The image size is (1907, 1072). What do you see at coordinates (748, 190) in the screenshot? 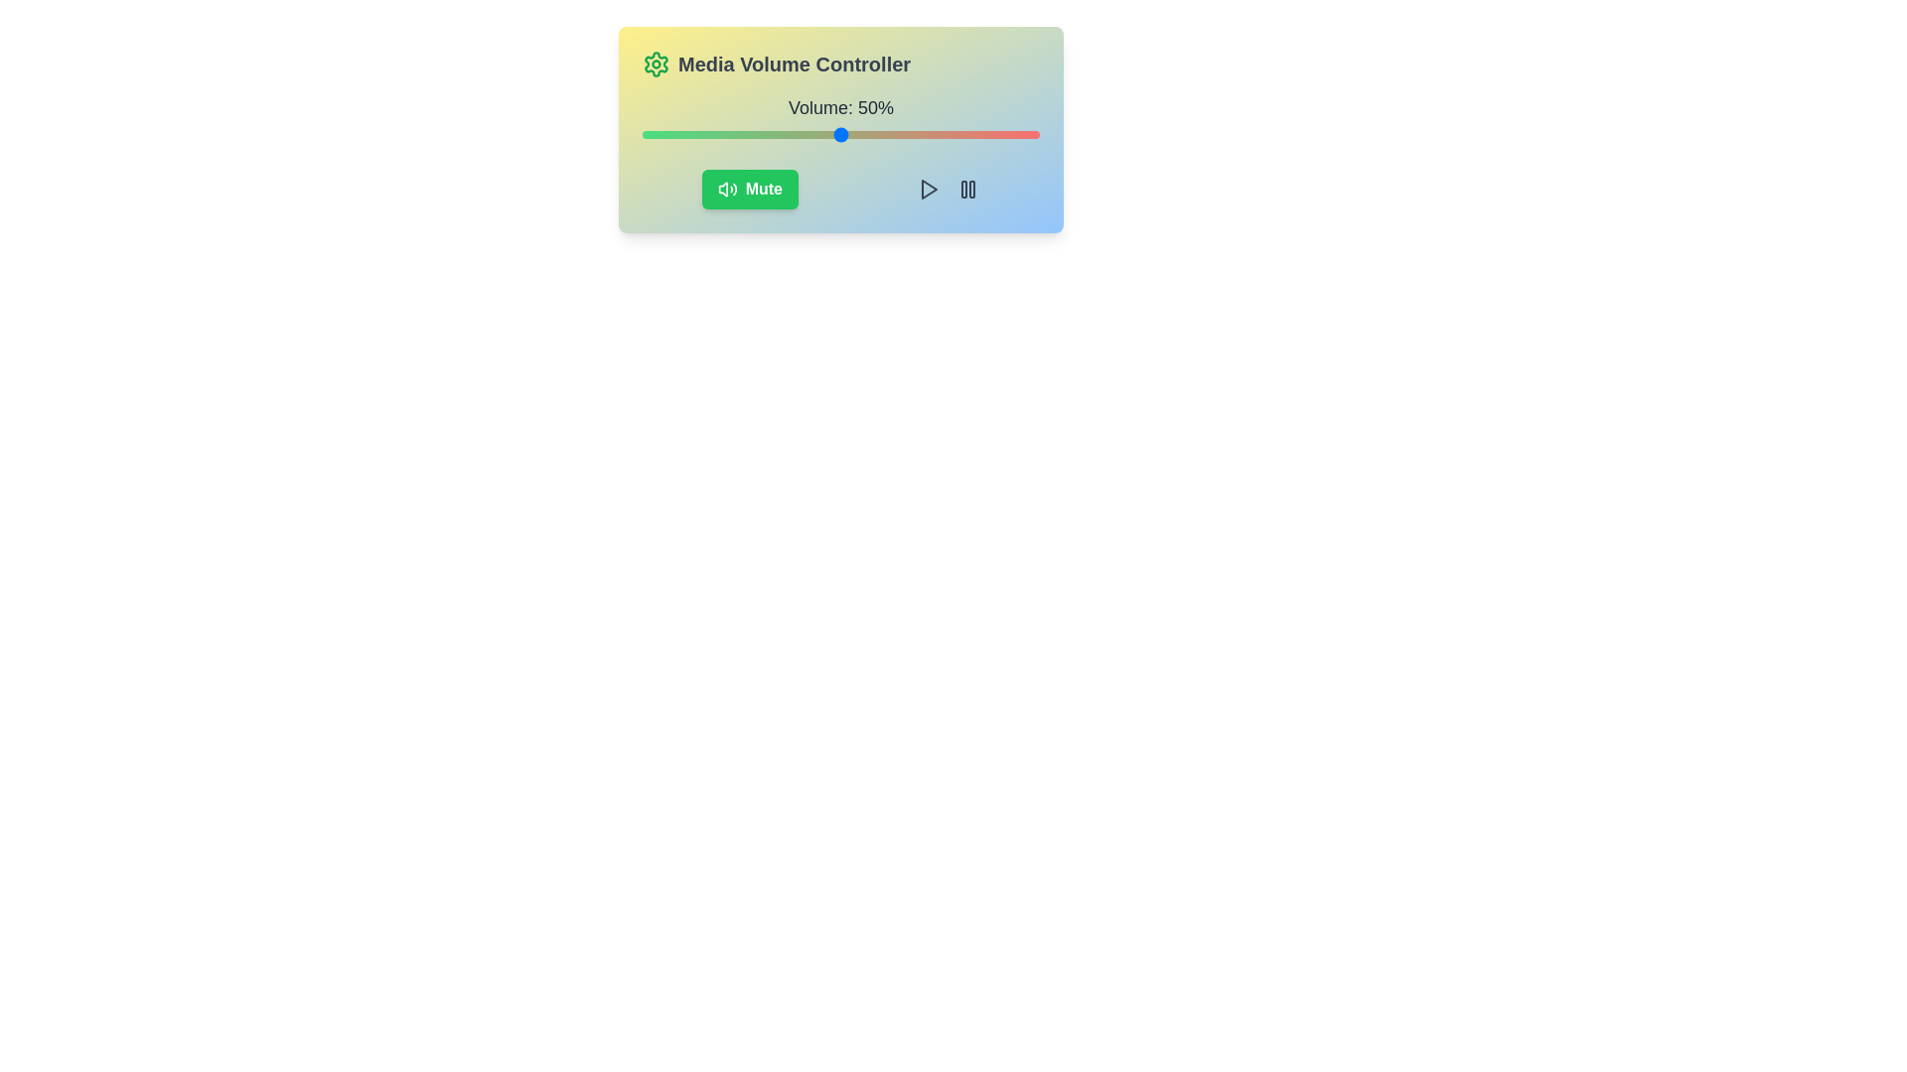
I see `'Mute' button to toggle mute/unmute` at bounding box center [748, 190].